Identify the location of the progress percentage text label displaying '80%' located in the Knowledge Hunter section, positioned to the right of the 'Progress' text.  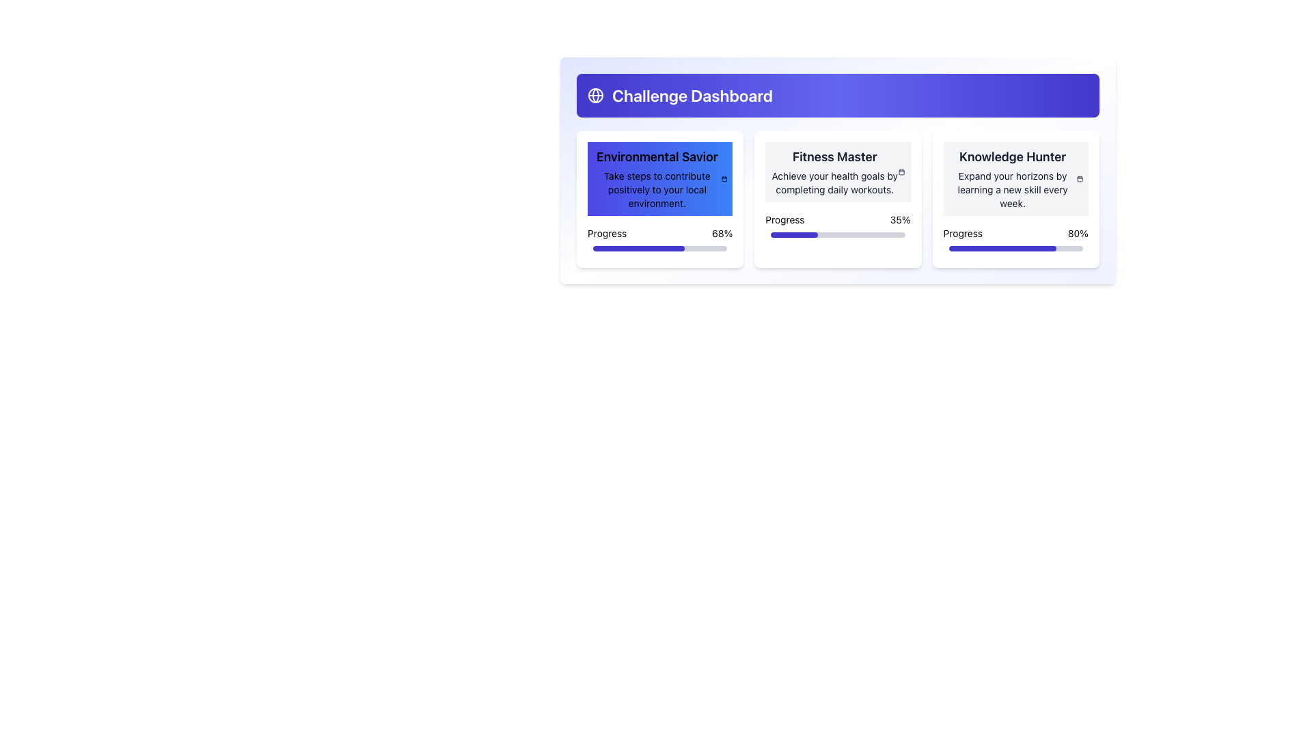
(1077, 233).